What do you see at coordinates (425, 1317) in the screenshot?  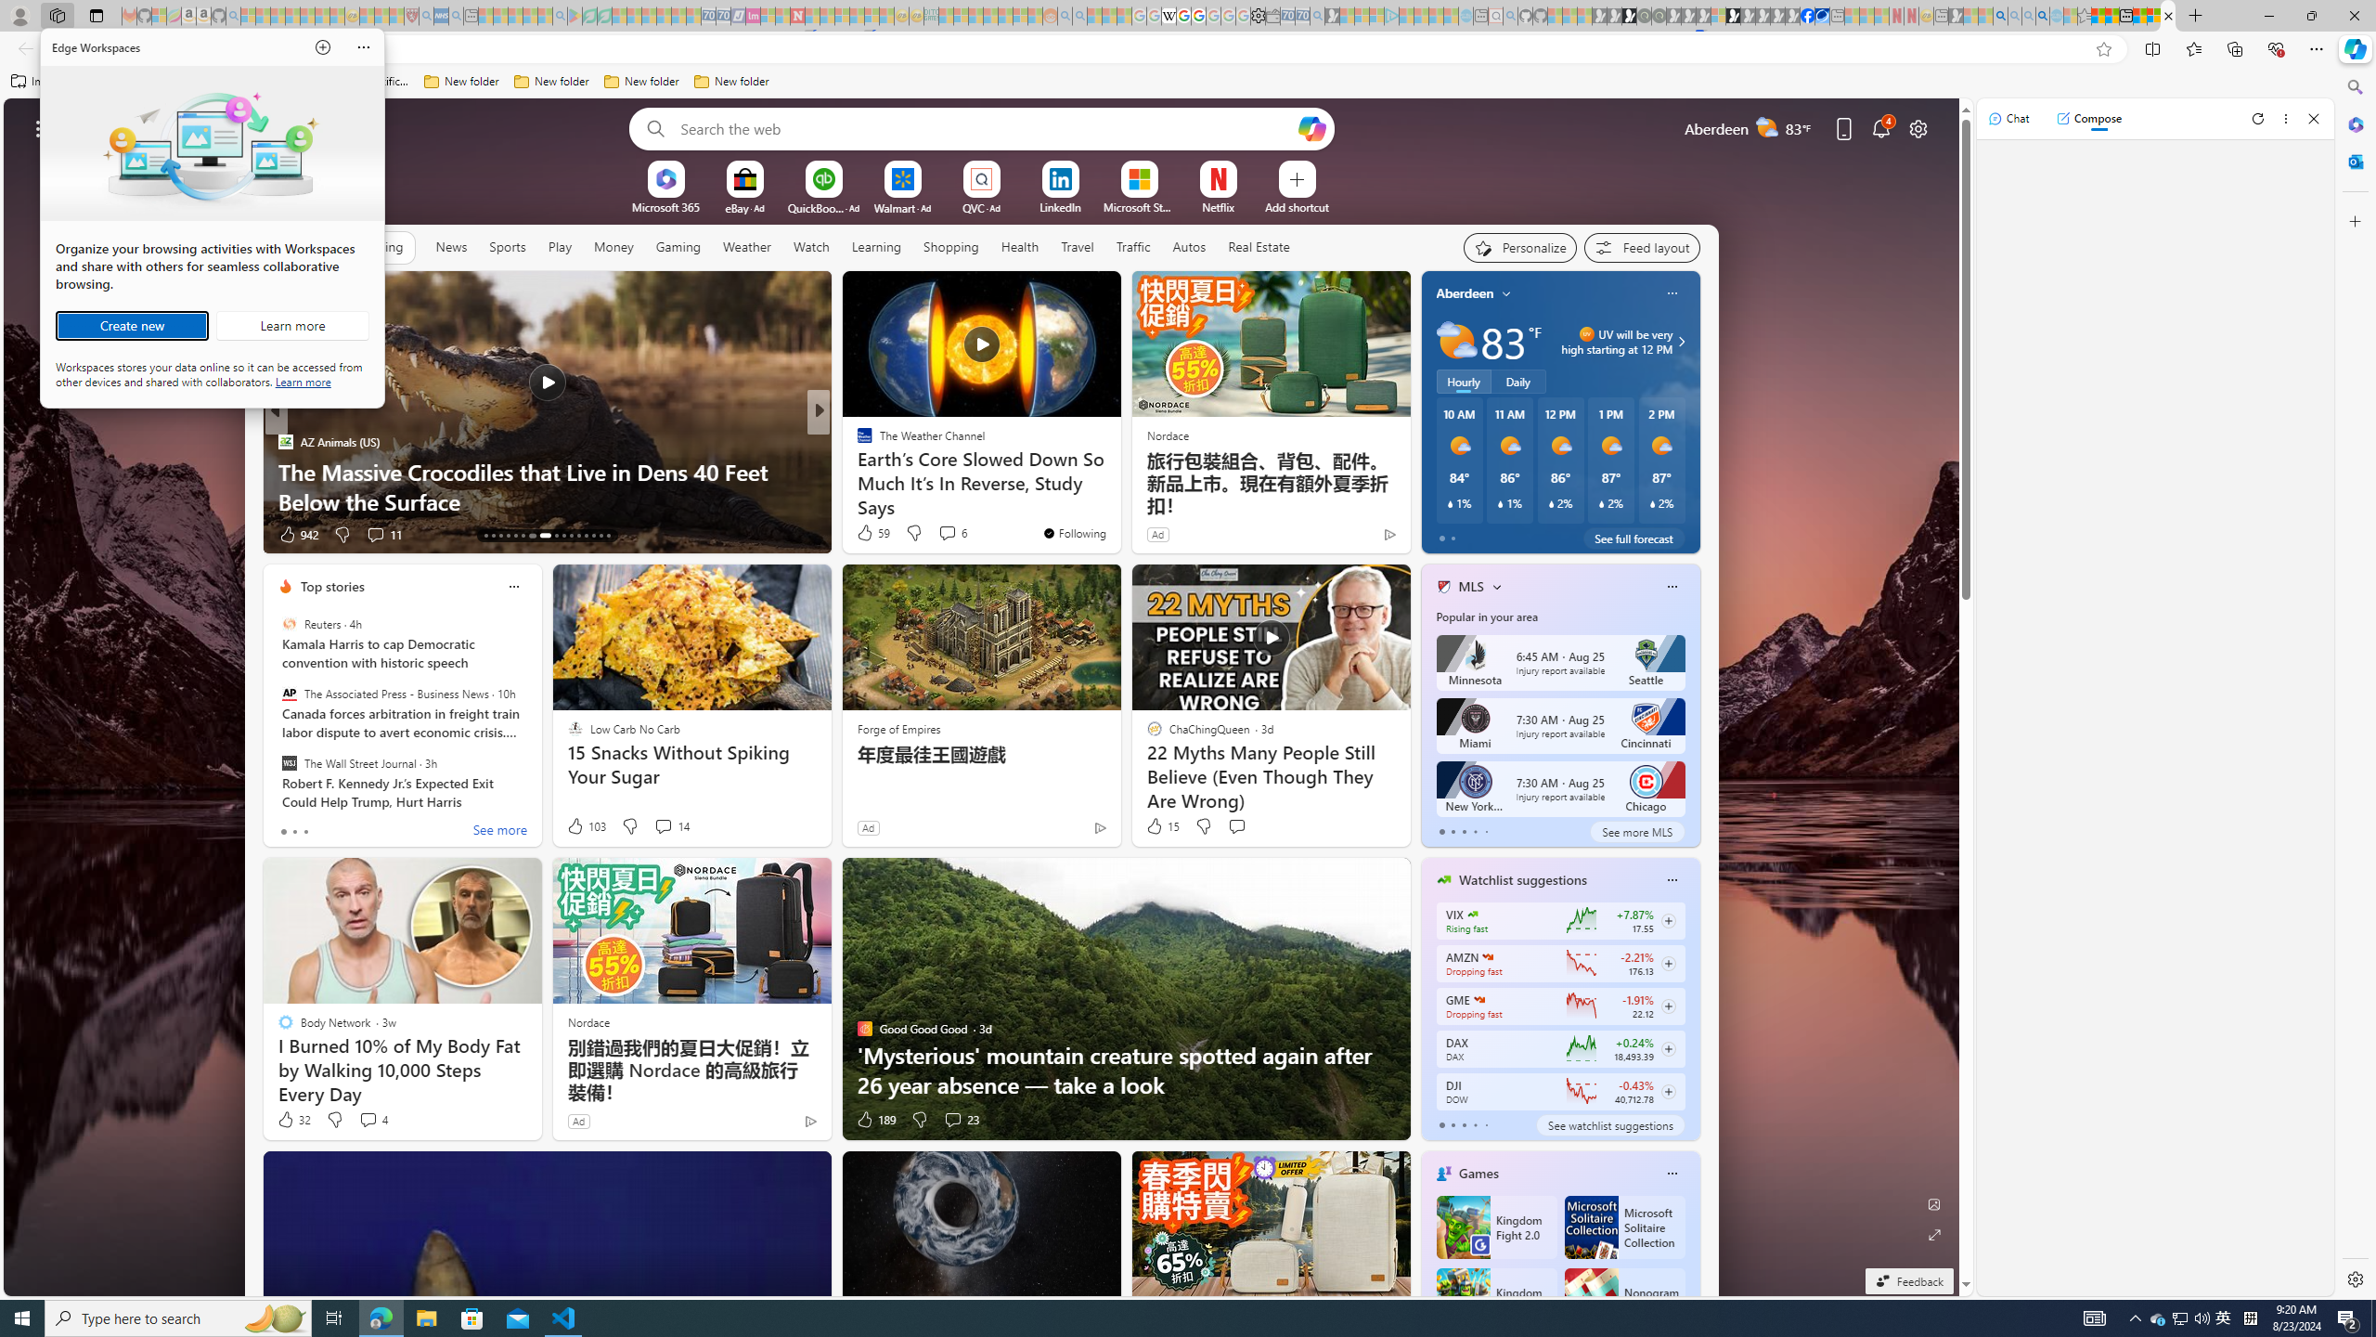 I see `'File Explorer'` at bounding box center [425, 1317].